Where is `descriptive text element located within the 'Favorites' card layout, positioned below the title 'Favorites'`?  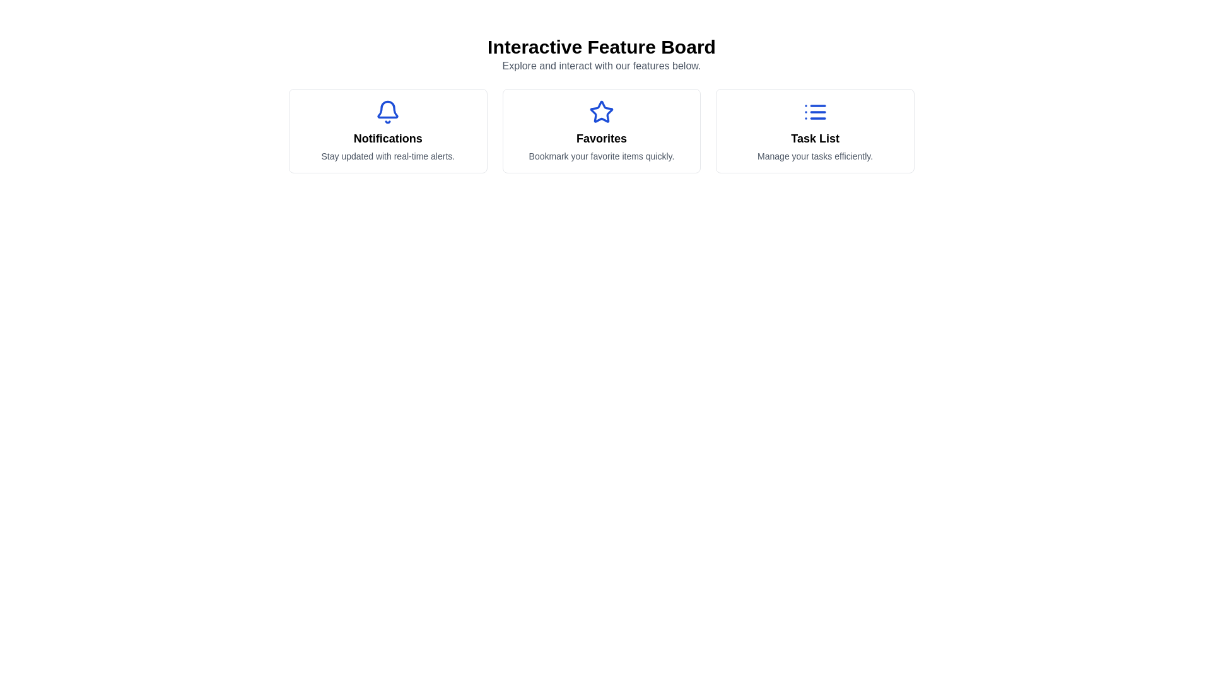
descriptive text element located within the 'Favorites' card layout, positioned below the title 'Favorites' is located at coordinates (601, 155).